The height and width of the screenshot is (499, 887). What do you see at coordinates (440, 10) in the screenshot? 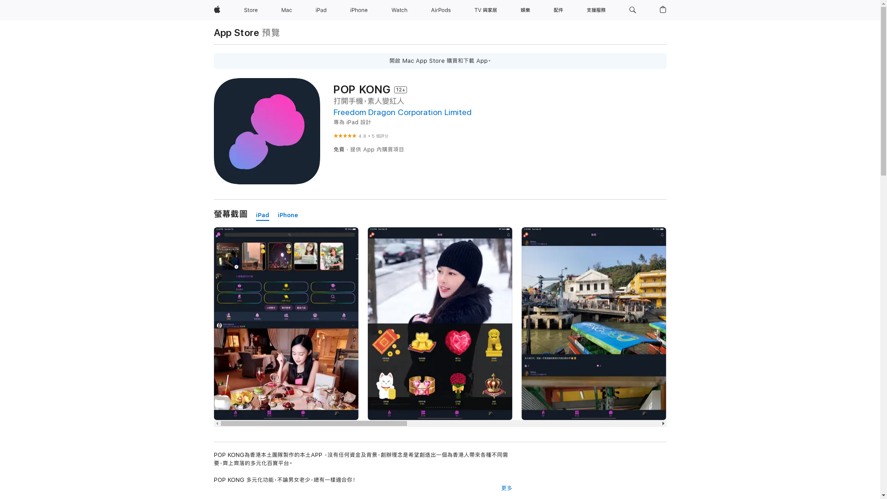
I see `'AirPods'` at bounding box center [440, 10].